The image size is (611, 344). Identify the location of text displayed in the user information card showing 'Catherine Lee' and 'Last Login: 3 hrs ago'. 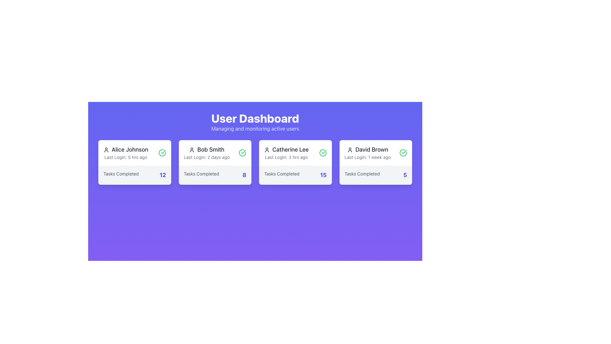
(286, 153).